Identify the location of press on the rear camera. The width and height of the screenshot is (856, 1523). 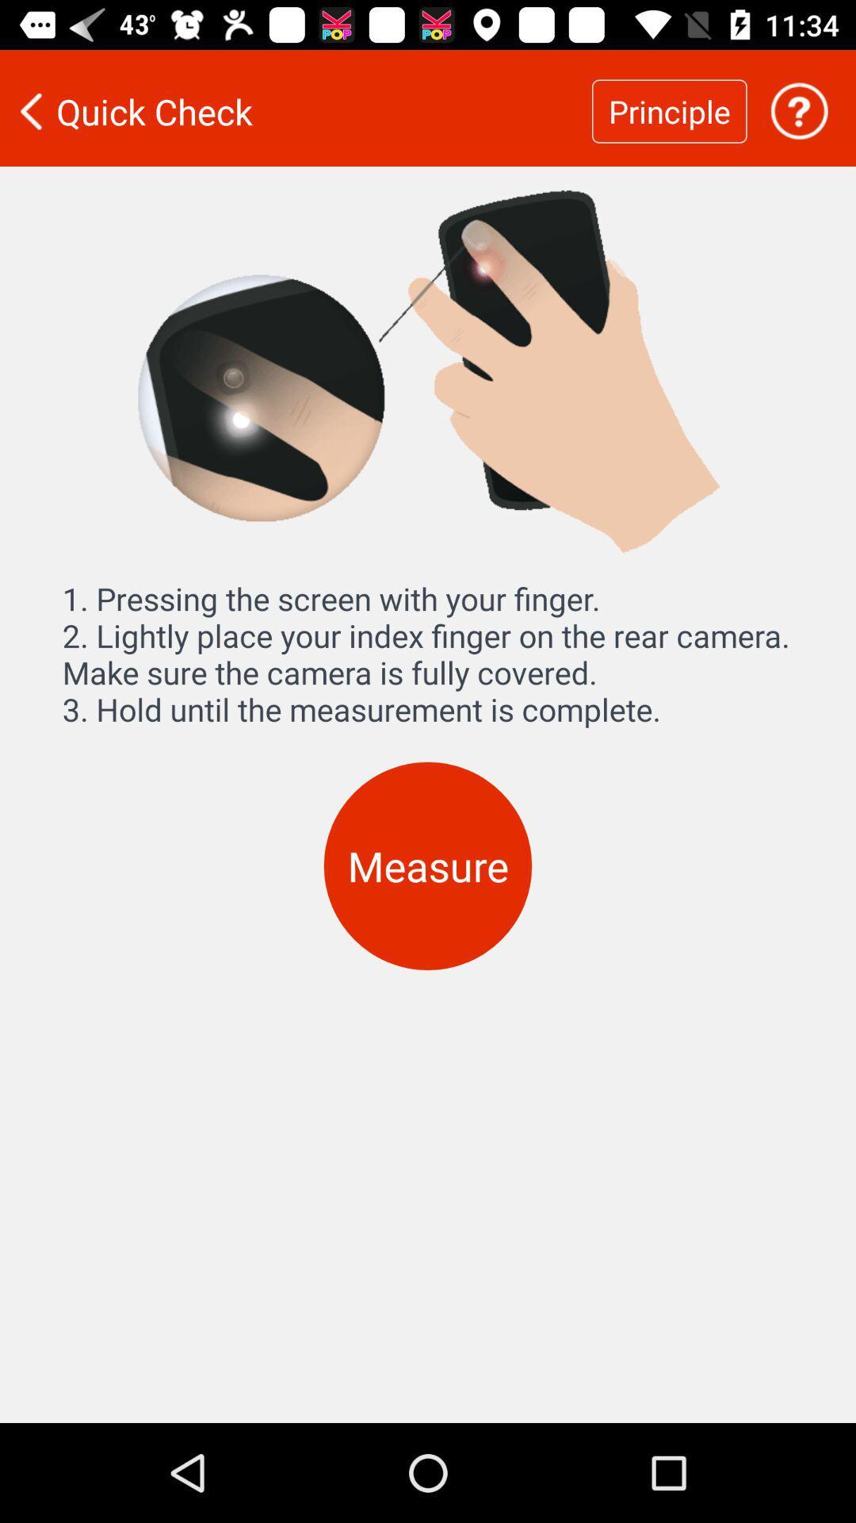
(799, 110).